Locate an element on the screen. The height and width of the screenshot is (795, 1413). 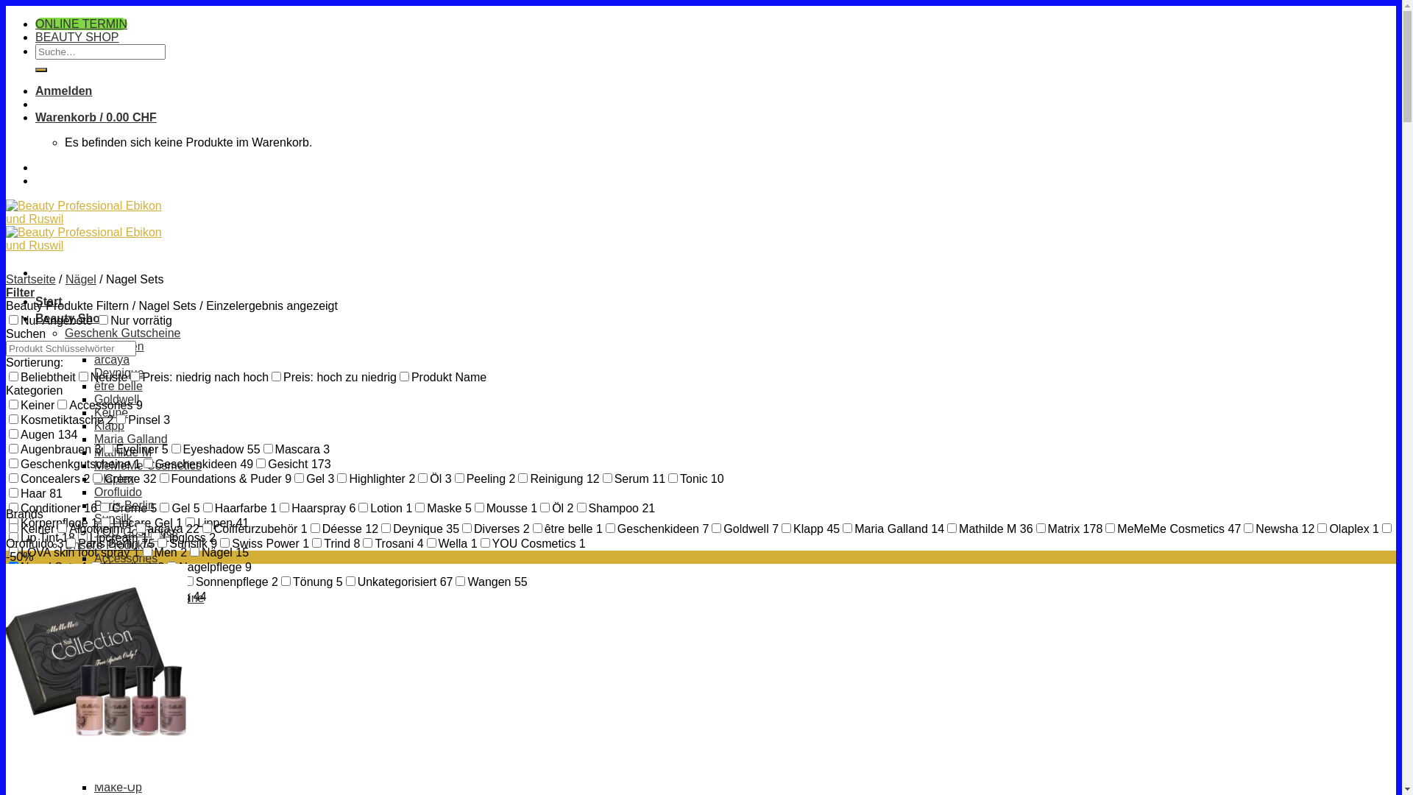
'Skip to content' is located at coordinates (5, 5).